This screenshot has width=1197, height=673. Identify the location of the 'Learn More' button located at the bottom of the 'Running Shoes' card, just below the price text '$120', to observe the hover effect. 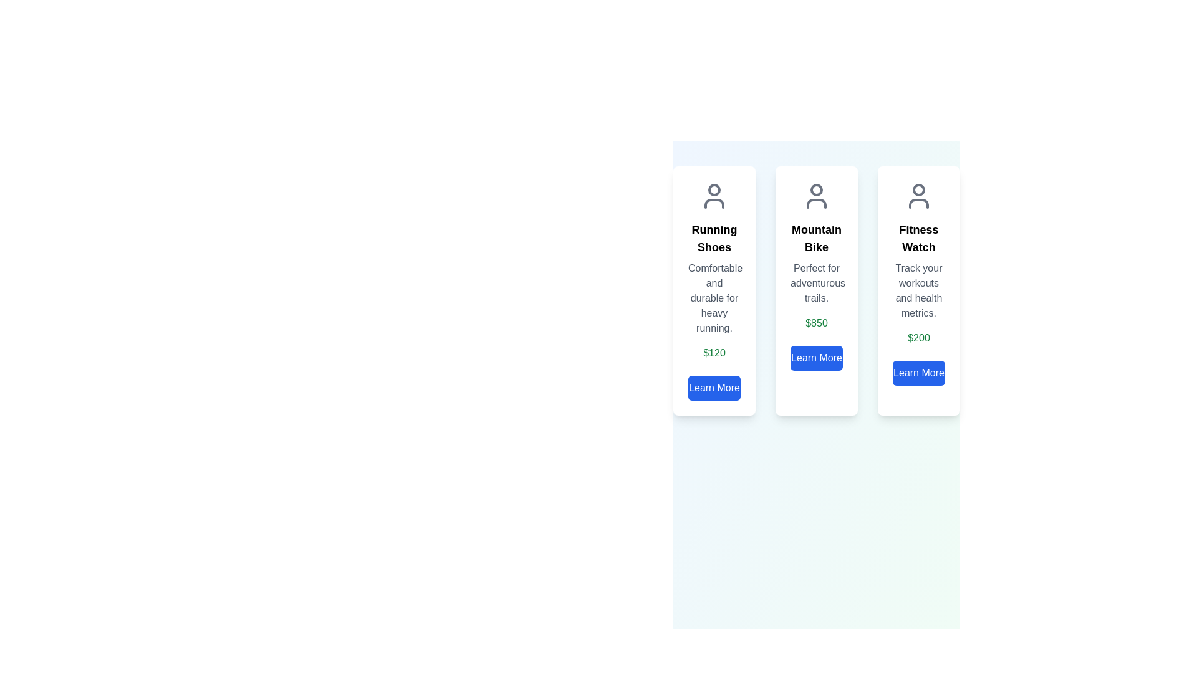
(714, 388).